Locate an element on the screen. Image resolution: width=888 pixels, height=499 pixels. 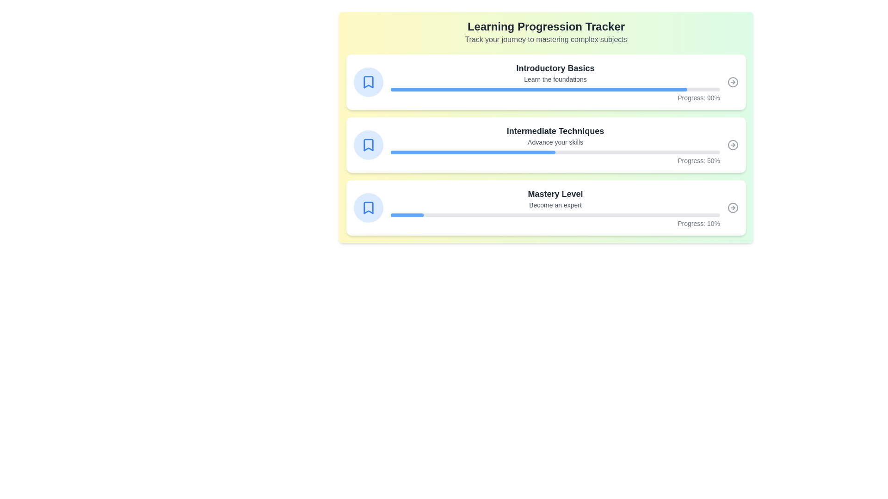
the blue bookmark-style icon representing the 'Mastery Level' in the Learning Progression Tracker interface is located at coordinates (368, 208).